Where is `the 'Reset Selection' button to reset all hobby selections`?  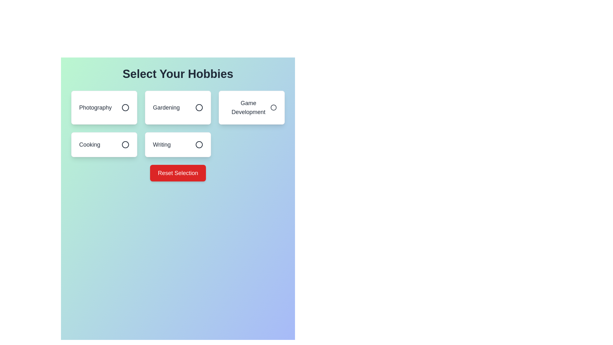 the 'Reset Selection' button to reset all hobby selections is located at coordinates (178, 173).